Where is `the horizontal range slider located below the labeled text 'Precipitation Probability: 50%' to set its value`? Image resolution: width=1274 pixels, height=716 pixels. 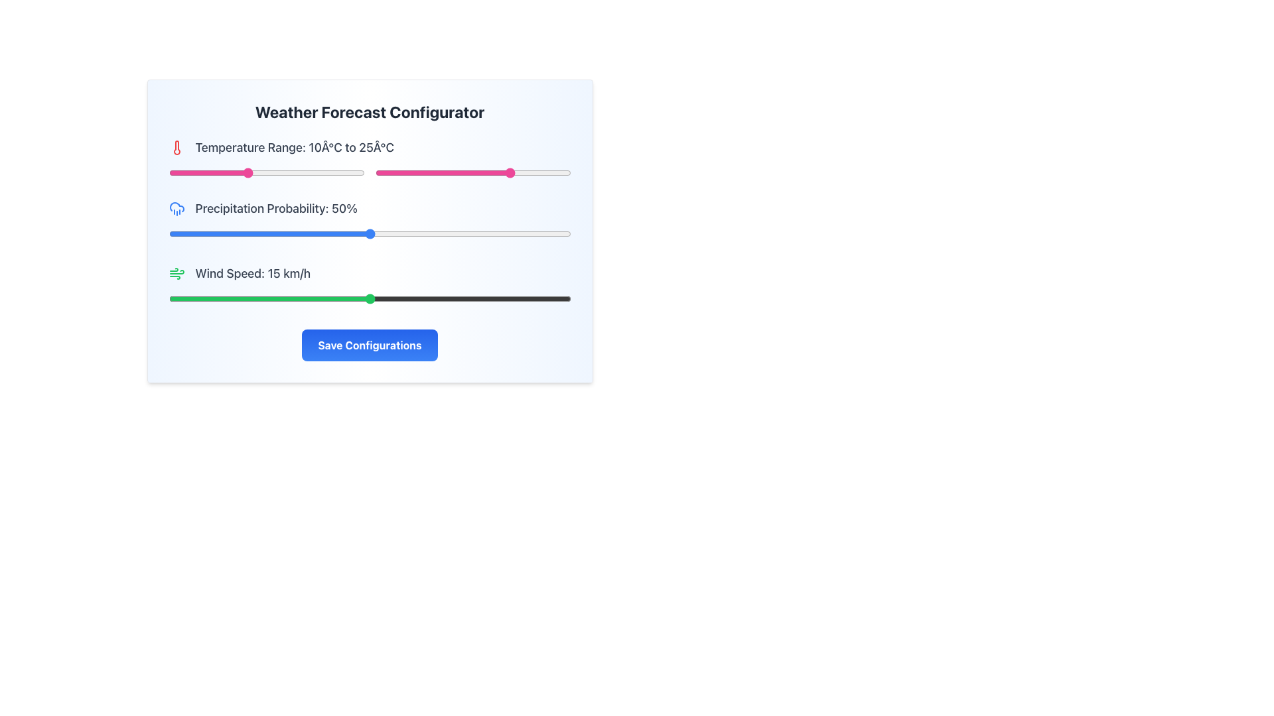 the horizontal range slider located below the labeled text 'Precipitation Probability: 50%' to set its value is located at coordinates (370, 233).